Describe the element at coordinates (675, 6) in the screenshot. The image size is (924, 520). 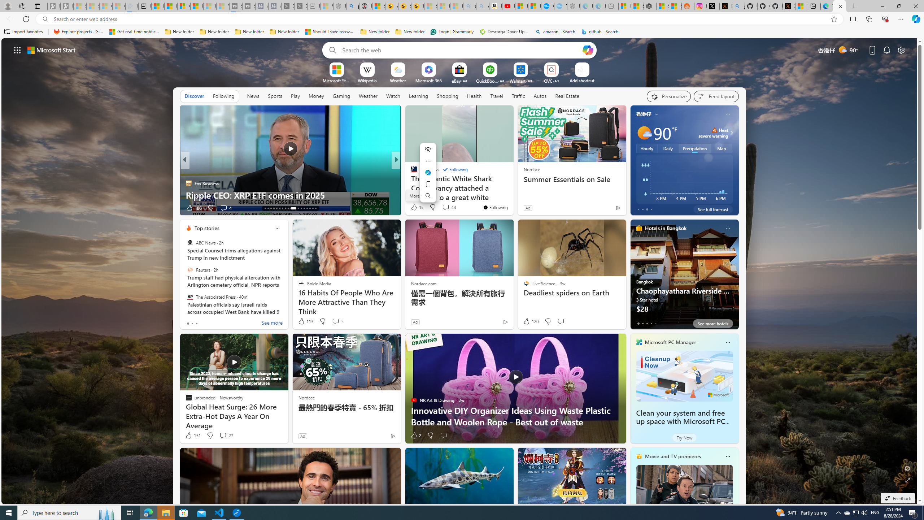
I see `'Shanghai, China Weather trends | Microsoft Weather'` at that location.